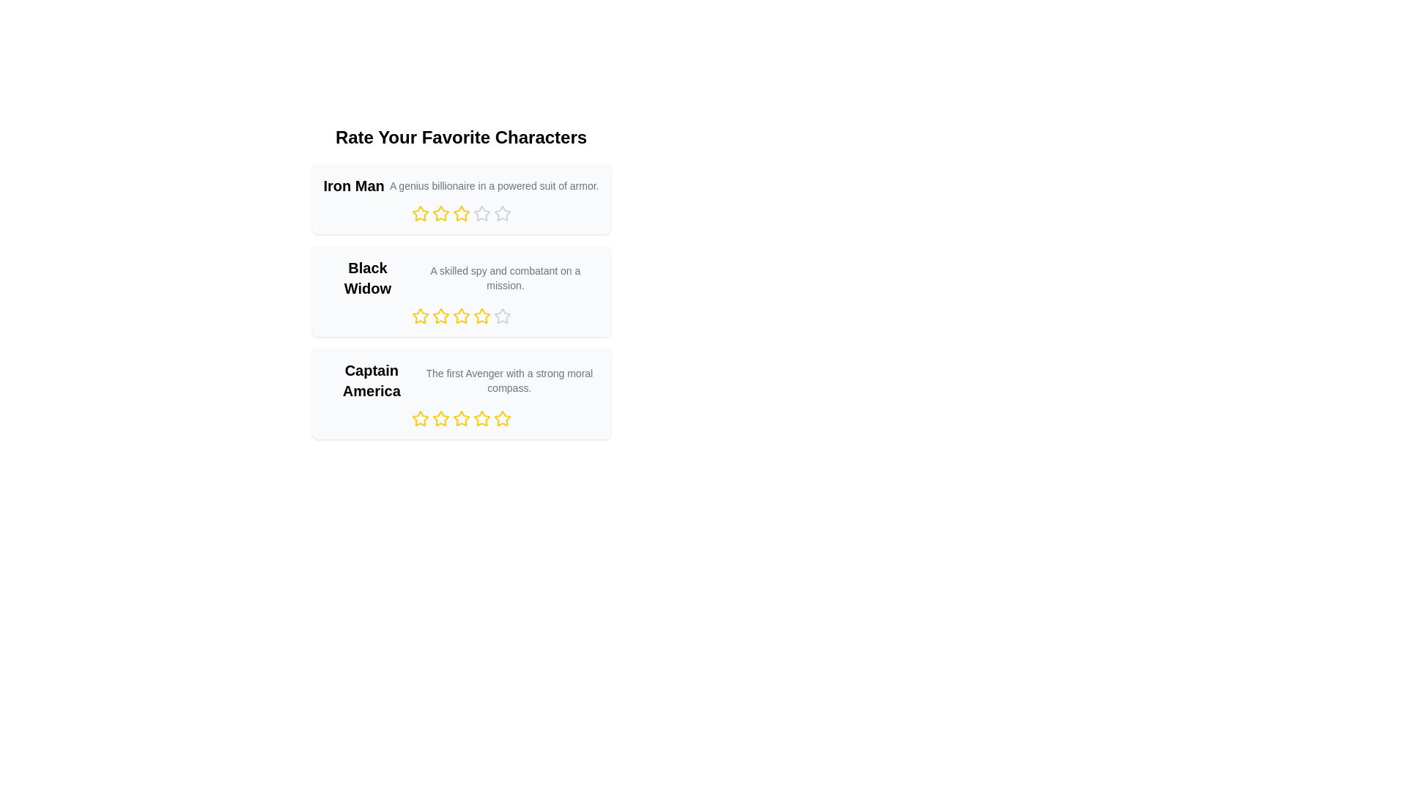  Describe the element at coordinates (481, 315) in the screenshot. I see `the current rating status by clicking the fourth yellow star-shaped icon with a hollow core in the rating system for 'Black Widow'` at that location.